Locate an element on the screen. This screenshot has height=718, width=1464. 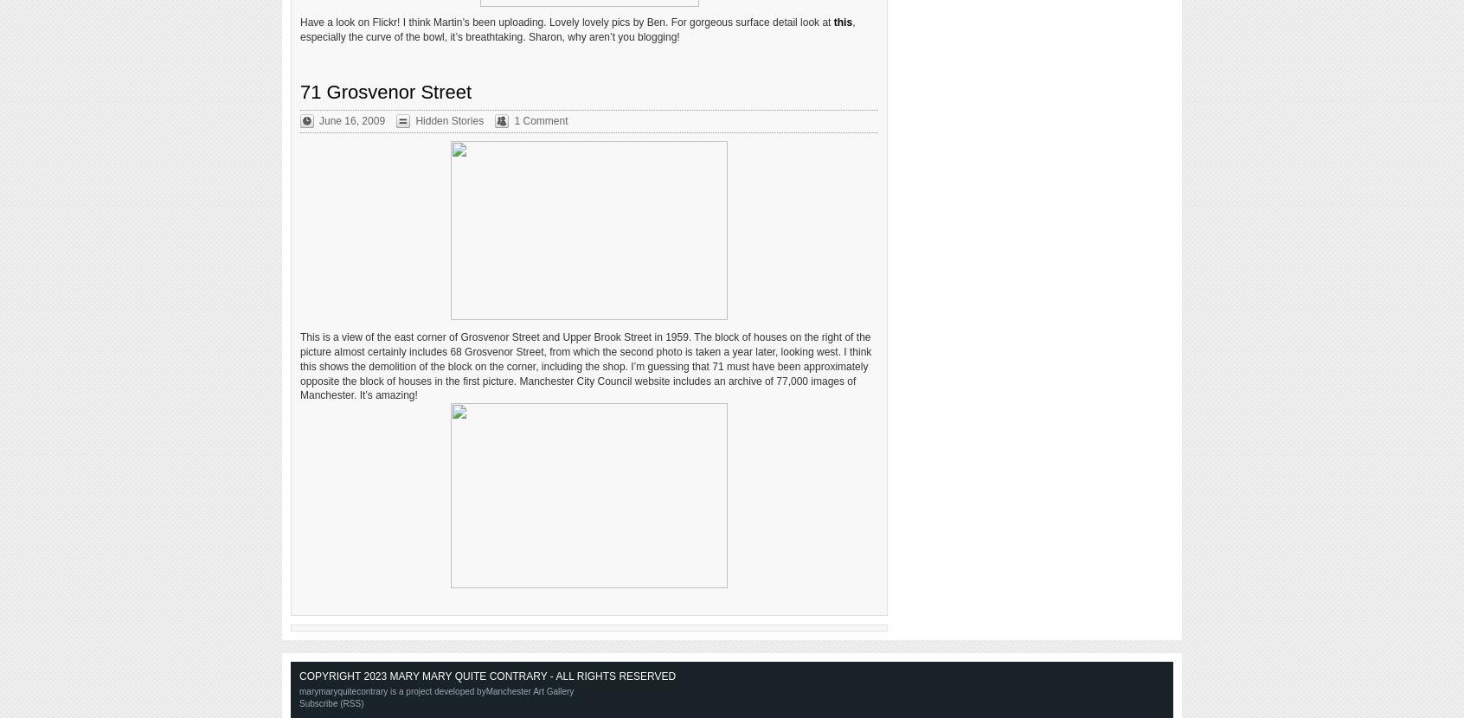
'this' is located at coordinates (832, 22).